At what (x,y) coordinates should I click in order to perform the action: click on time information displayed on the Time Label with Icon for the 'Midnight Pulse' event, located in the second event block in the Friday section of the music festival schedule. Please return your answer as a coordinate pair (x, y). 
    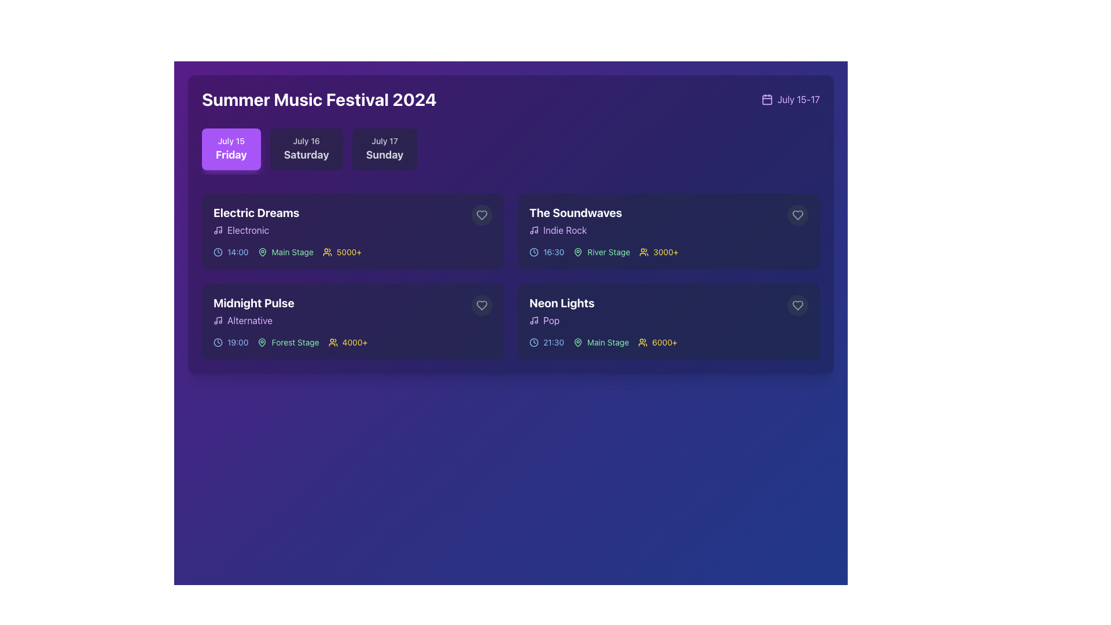
    Looking at the image, I should click on (231, 341).